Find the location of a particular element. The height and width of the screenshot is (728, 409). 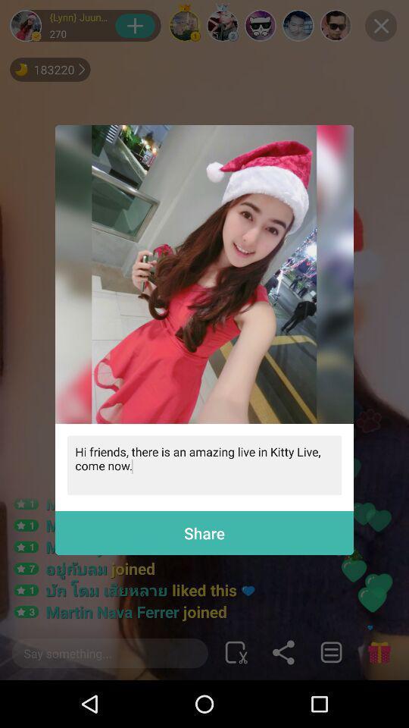

the item above the hi friends there item is located at coordinates (204, 273).